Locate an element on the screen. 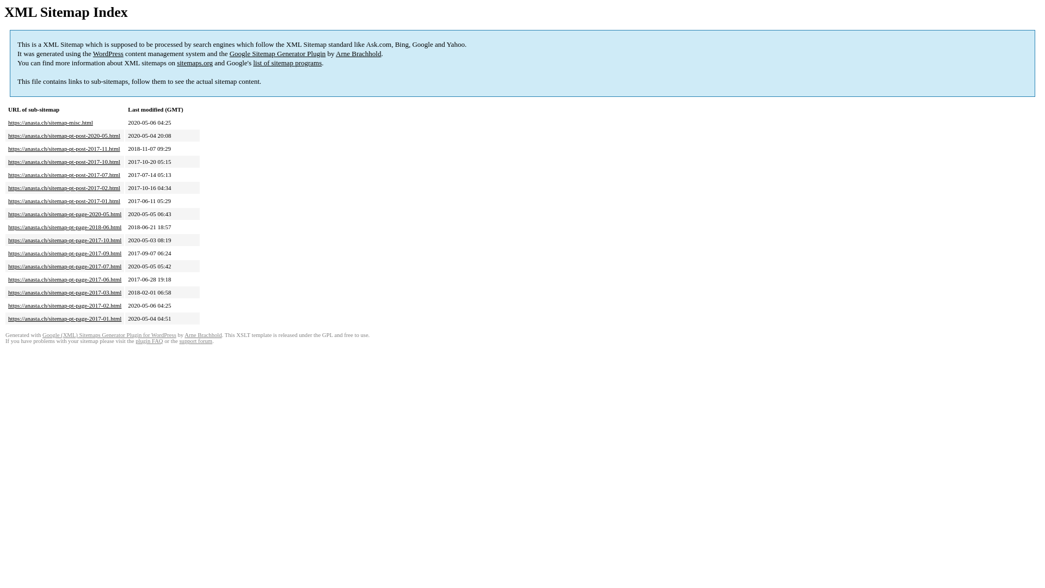  'https://anasta.ch/sitemap-pt-page-2017-03.html' is located at coordinates (64, 291).